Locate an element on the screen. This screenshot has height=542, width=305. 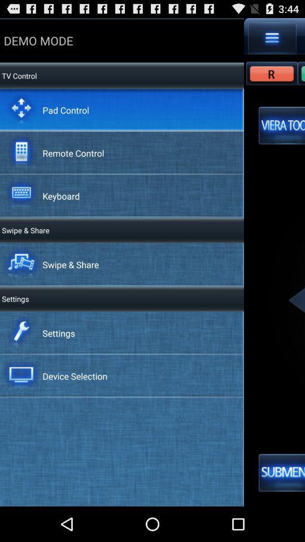
app below demo mode icon is located at coordinates (18, 75).